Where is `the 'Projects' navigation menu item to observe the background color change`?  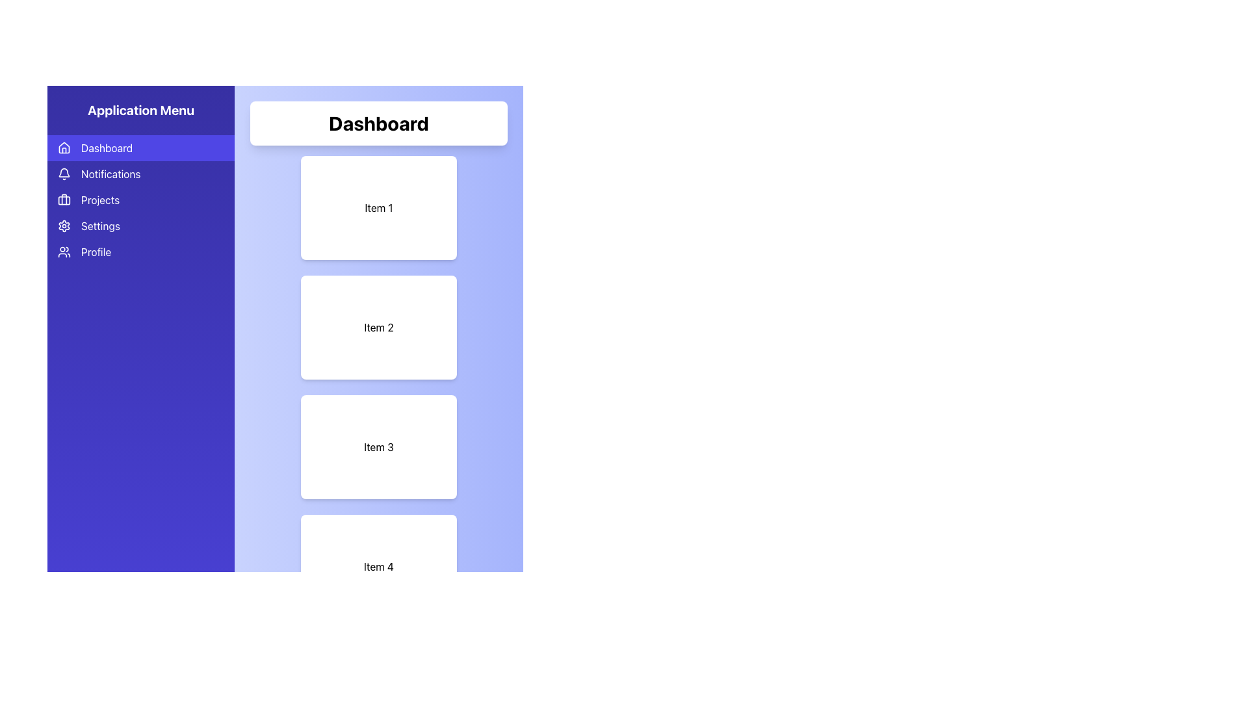
the 'Projects' navigation menu item to observe the background color change is located at coordinates (140, 200).